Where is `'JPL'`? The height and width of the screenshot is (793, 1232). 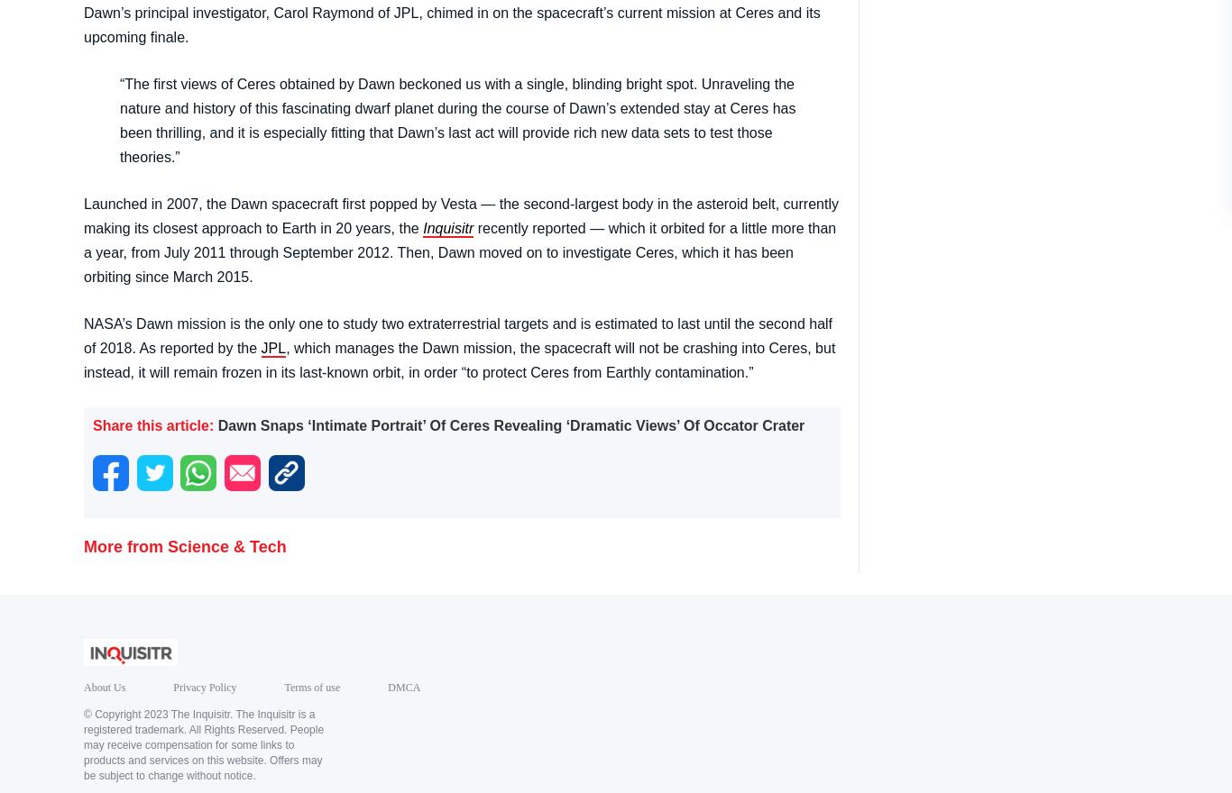 'JPL' is located at coordinates (272, 346).